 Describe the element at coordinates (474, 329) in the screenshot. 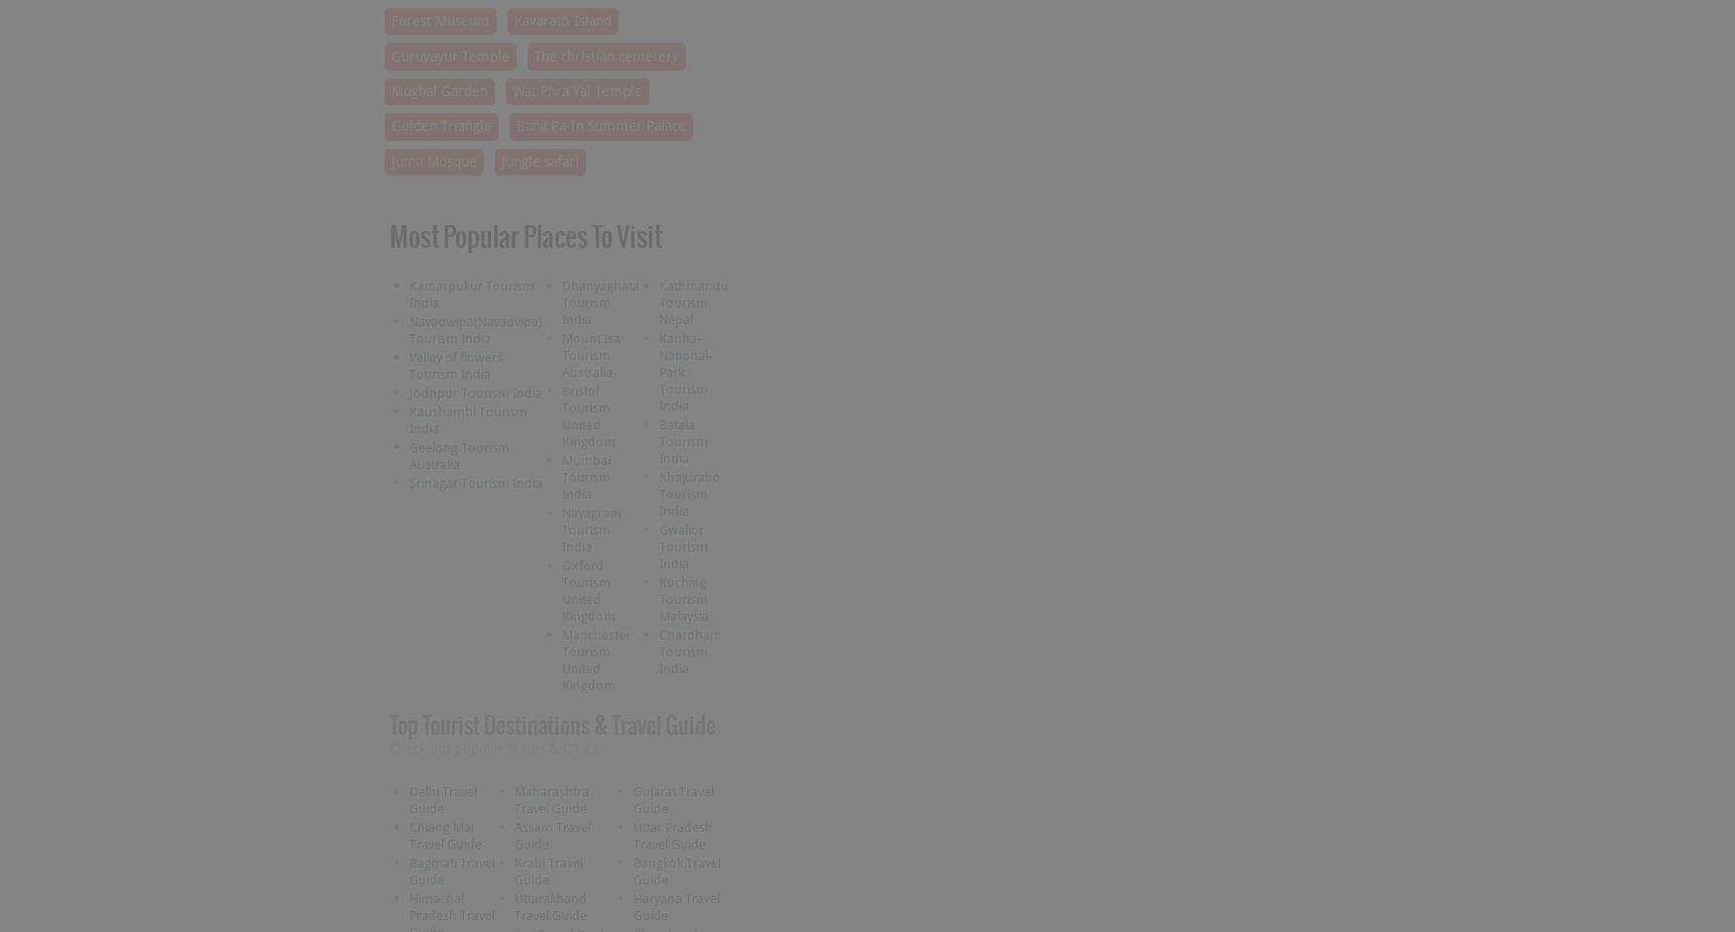

I see `'Navadwipa(Navadvipa) Tourism  India'` at that location.